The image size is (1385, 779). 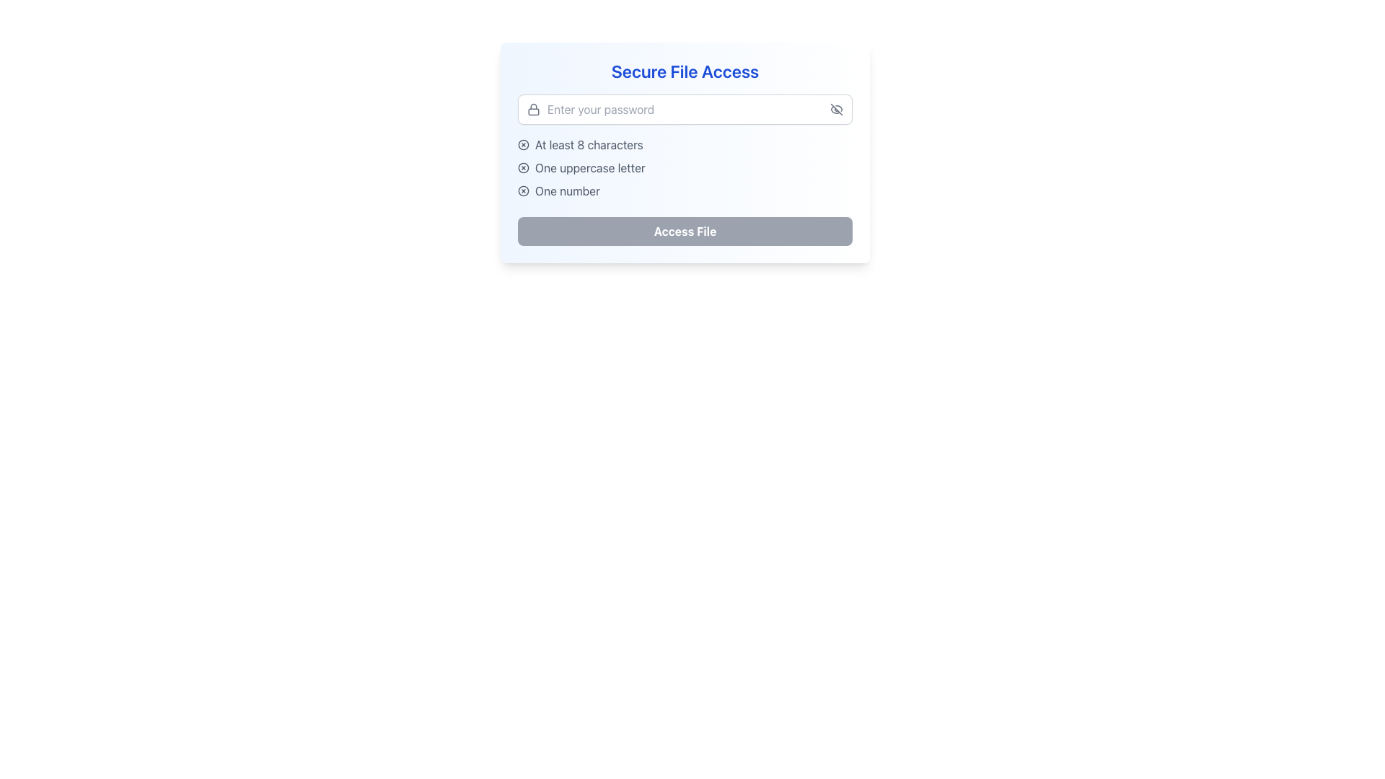 What do you see at coordinates (522, 144) in the screenshot?
I see `the circular outline icon located prominently to the left of the text 'At least 8 characters' in the password policy checklist` at bounding box center [522, 144].